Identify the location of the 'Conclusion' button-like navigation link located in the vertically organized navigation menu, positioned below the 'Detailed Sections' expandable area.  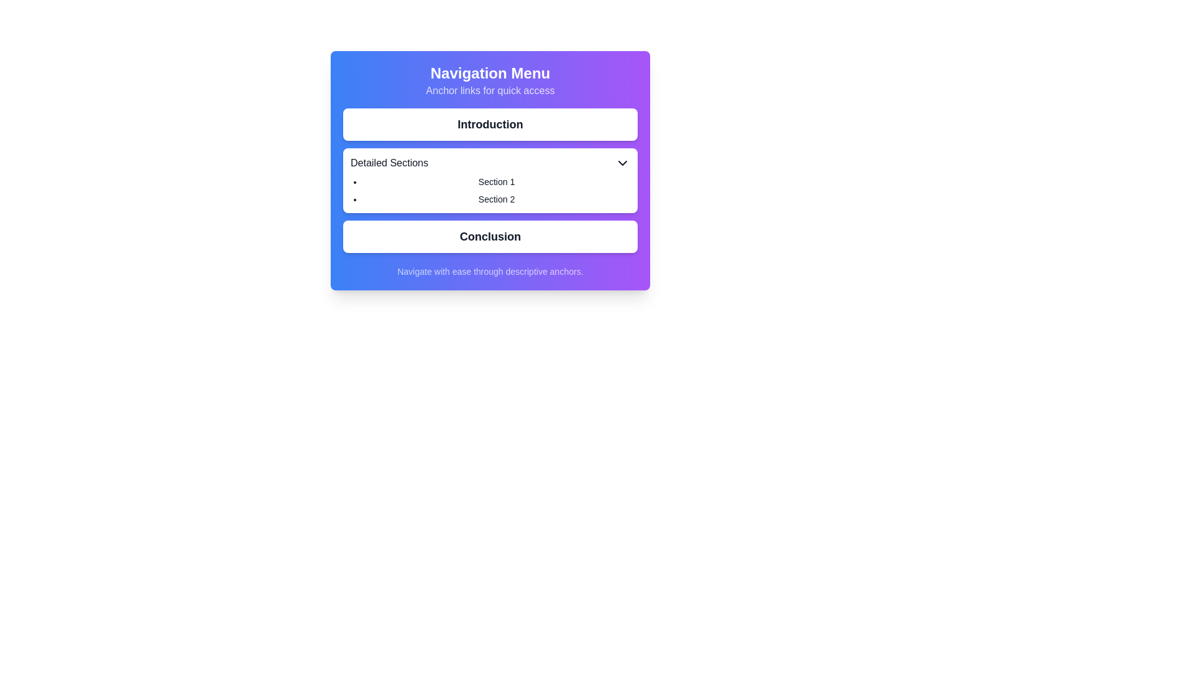
(490, 237).